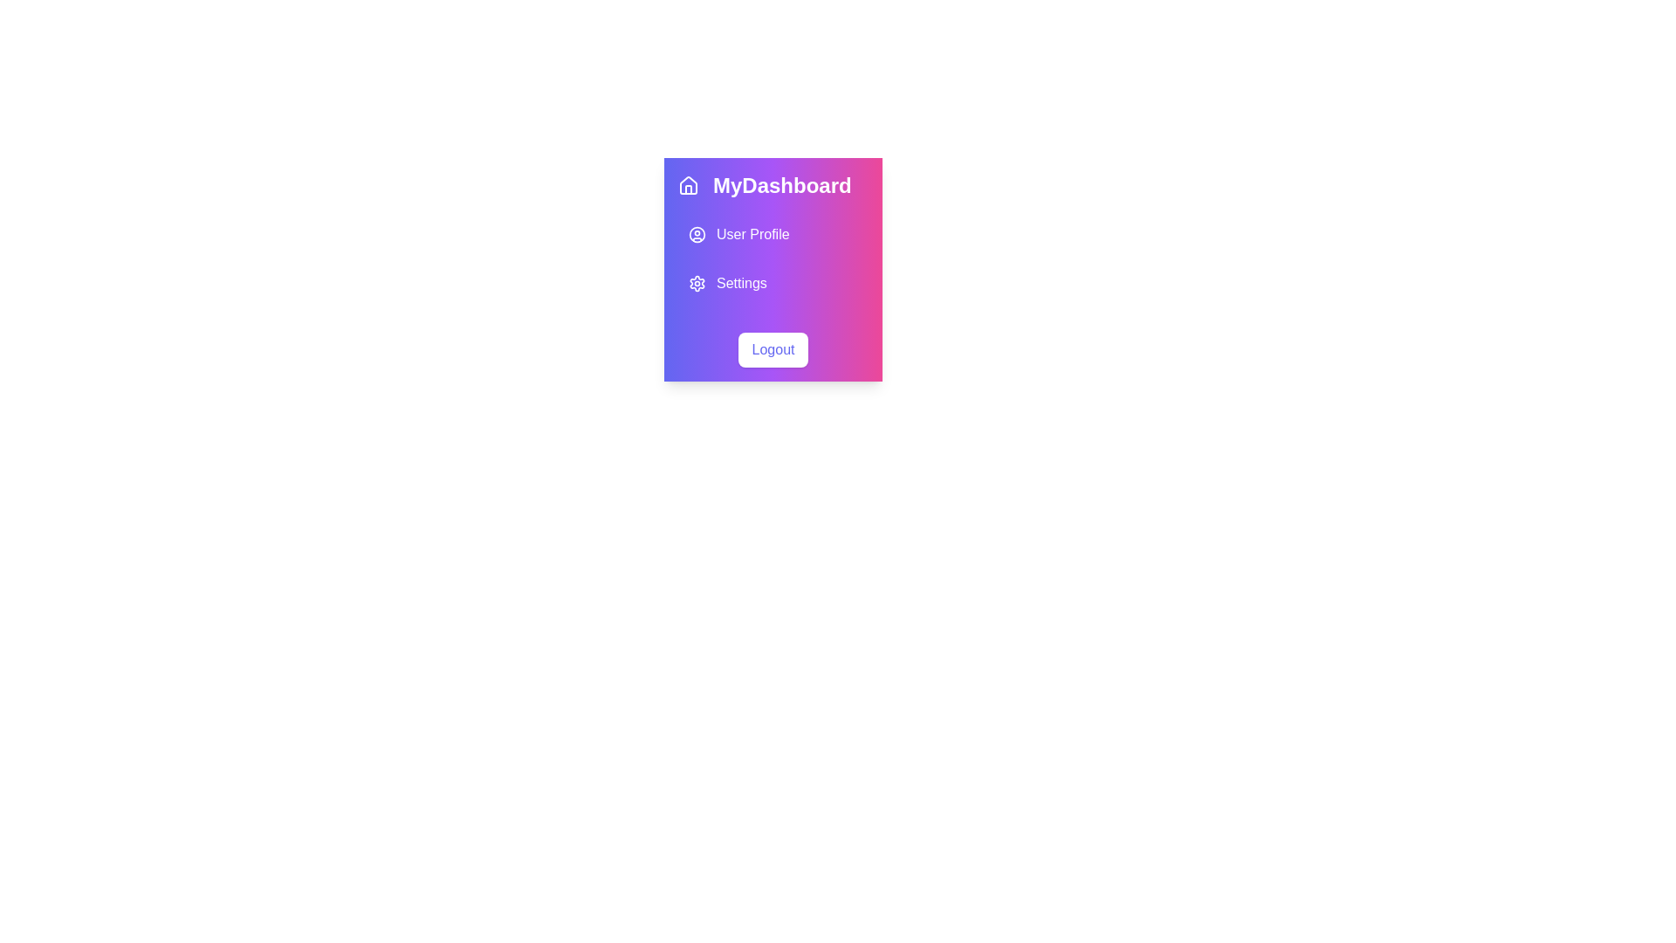  I want to click on the Menu Header element which is a horizontal panel at the top of the menu containing a house icon on the left and 'MyDashboard' text on the right, featuring a gradient background from blue to pink, so click(773, 185).